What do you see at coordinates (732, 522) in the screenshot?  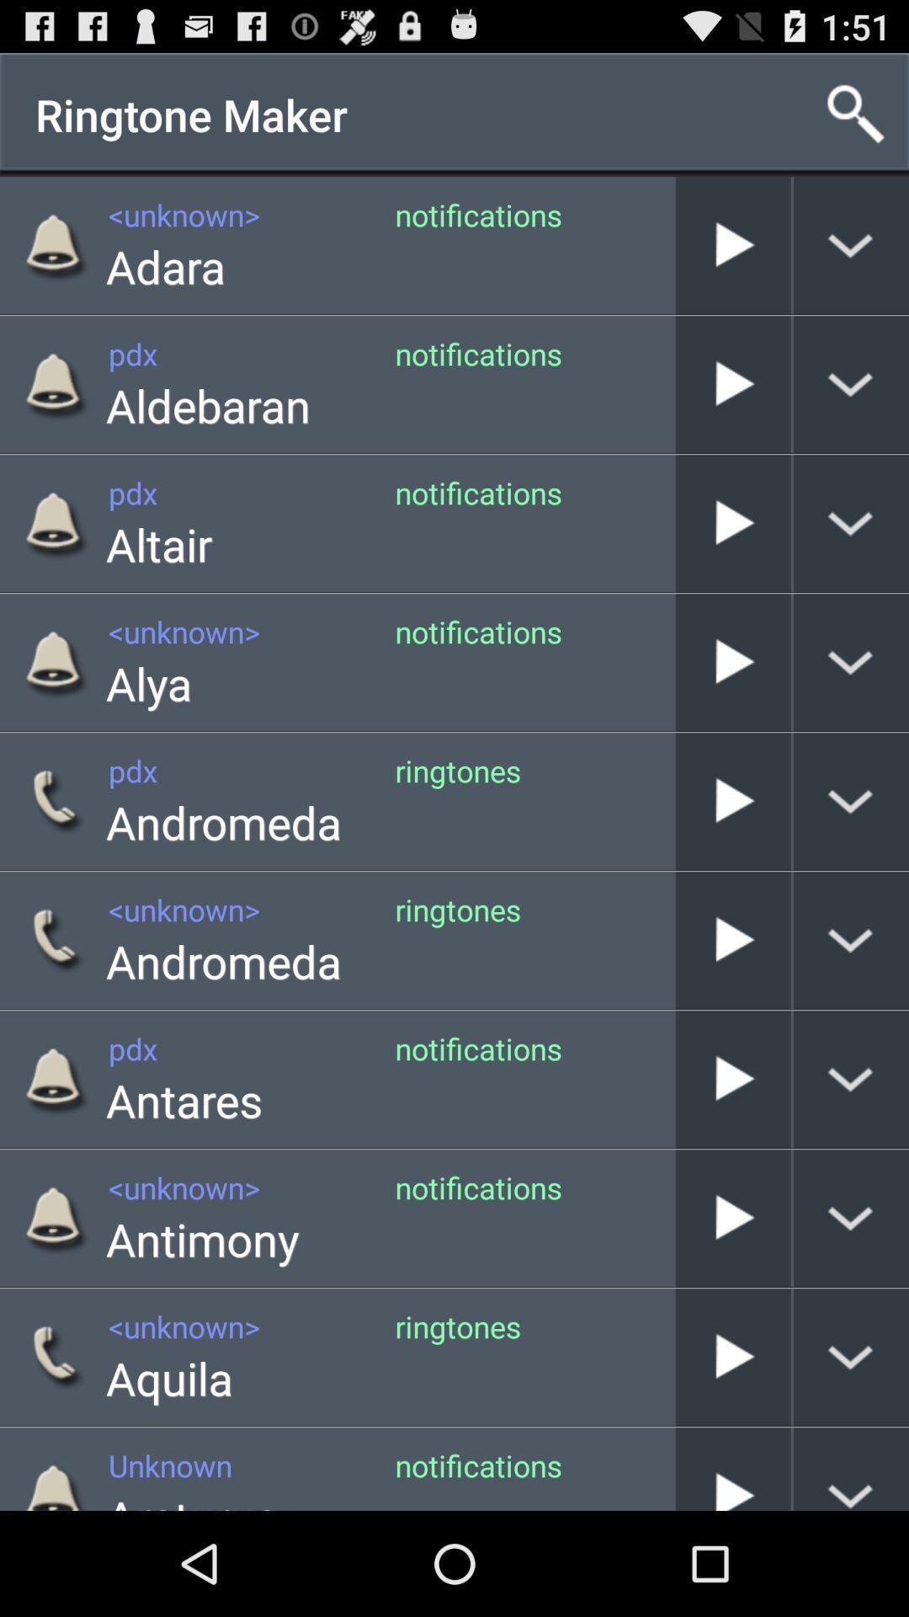 I see `selection` at bounding box center [732, 522].